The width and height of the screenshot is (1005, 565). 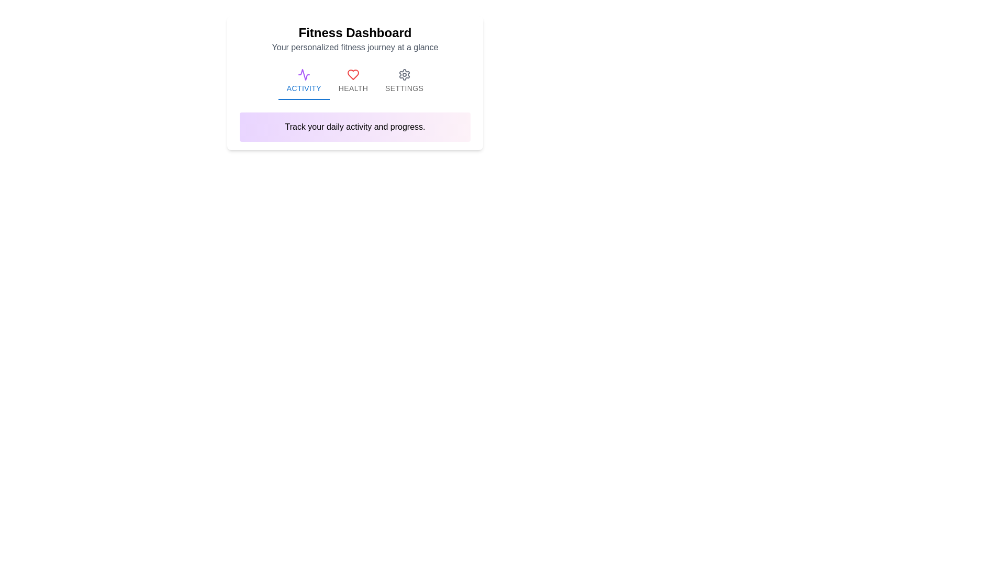 What do you see at coordinates (303, 99) in the screenshot?
I see `the visual indicator for the active 'Activity' tab, which is located below the tab label in the navigation bar` at bounding box center [303, 99].